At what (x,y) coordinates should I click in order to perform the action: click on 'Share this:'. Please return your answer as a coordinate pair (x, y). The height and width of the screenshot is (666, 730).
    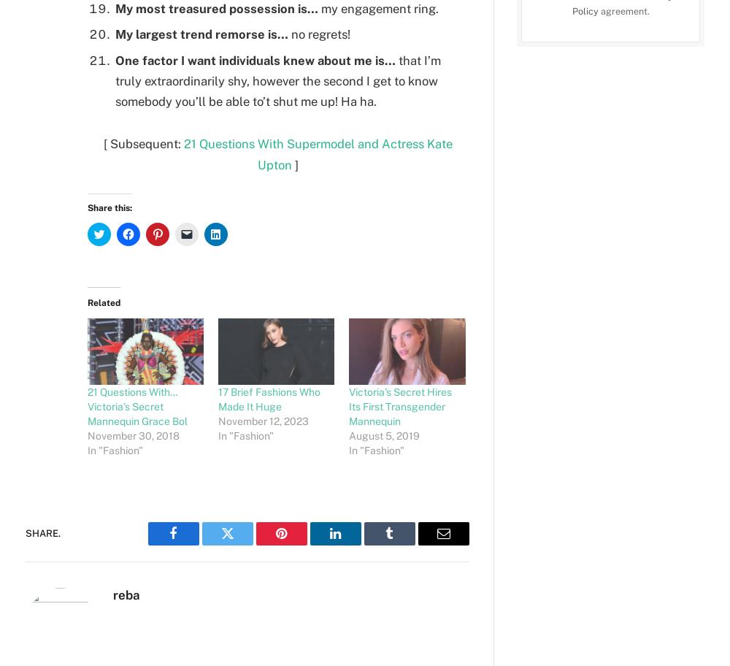
    Looking at the image, I should click on (109, 207).